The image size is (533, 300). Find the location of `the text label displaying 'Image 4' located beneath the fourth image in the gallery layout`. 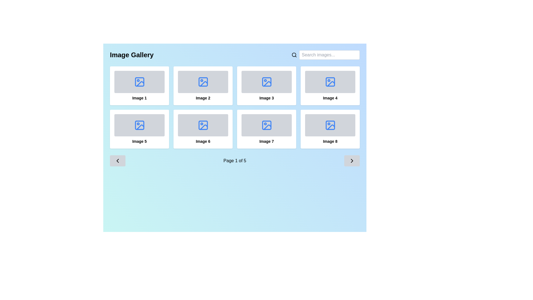

the text label displaying 'Image 4' located beneath the fourth image in the gallery layout is located at coordinates (330, 98).